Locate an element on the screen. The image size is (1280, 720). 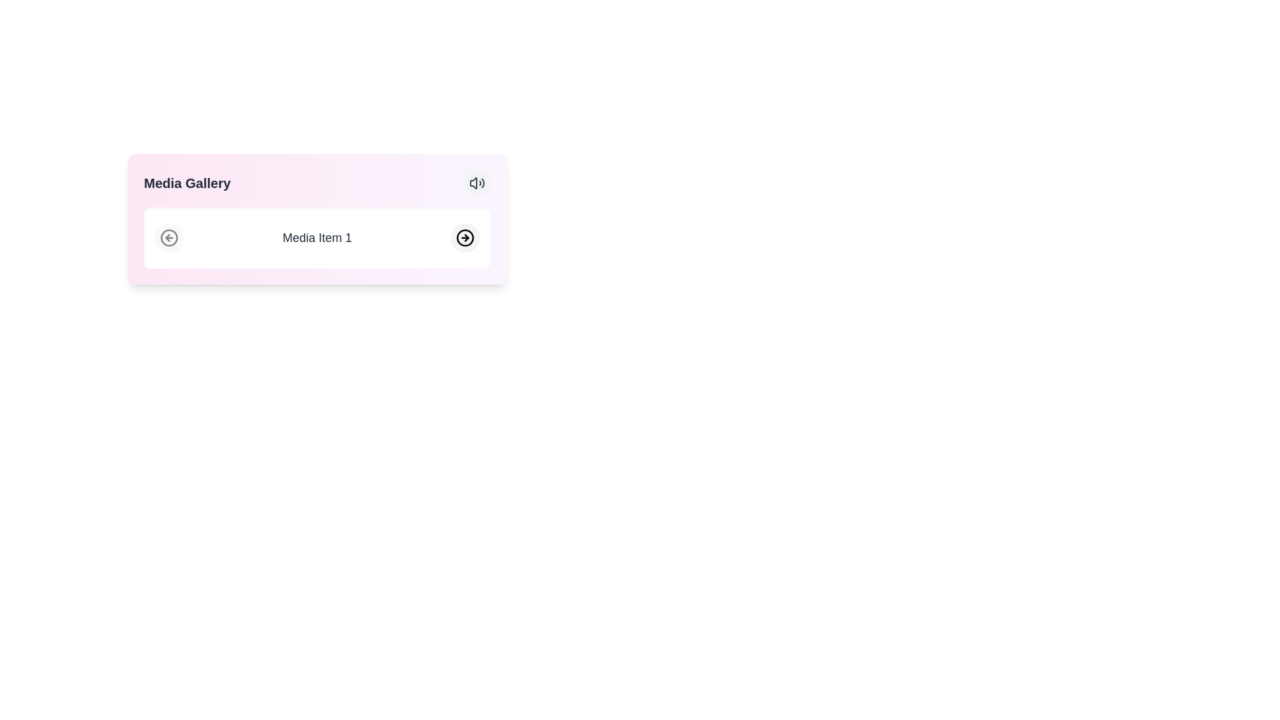
the speaker icon located in the top-right corner of the 'Media Gallery' panel is located at coordinates (477, 183).